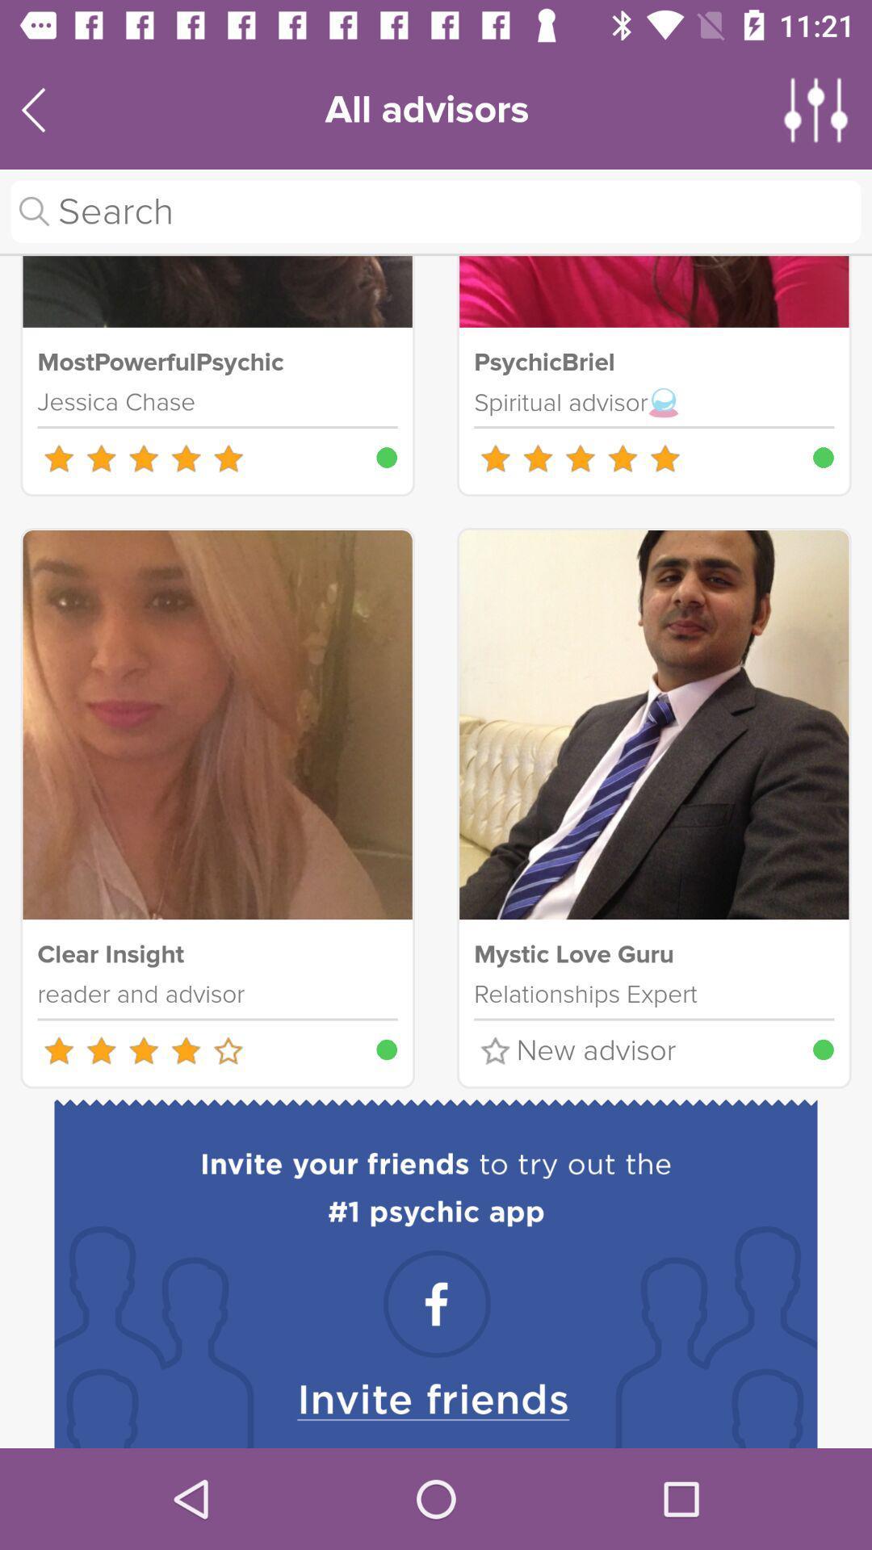 The height and width of the screenshot is (1550, 872). Describe the element at coordinates (816, 109) in the screenshot. I see `app settings` at that location.